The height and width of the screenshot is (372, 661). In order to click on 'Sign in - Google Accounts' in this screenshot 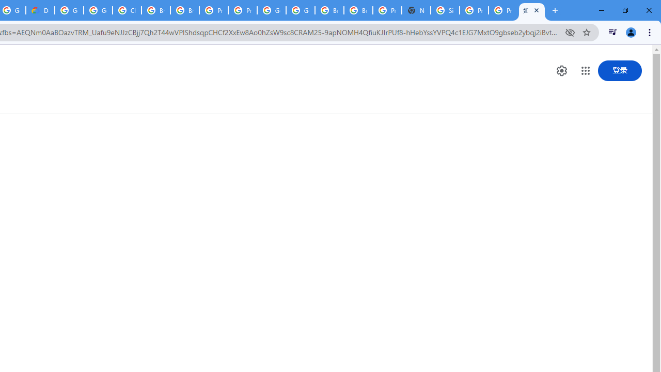, I will do `click(445, 10)`.